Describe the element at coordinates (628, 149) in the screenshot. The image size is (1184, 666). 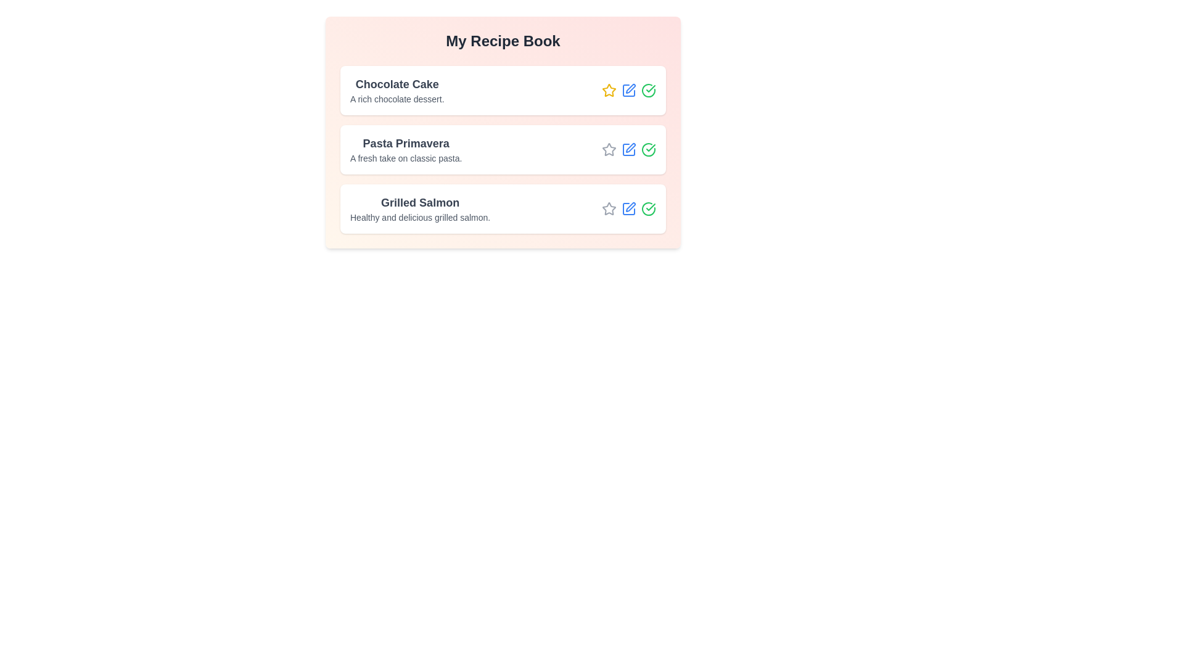
I see `edit icon for the recipe titled Pasta Primavera` at that location.